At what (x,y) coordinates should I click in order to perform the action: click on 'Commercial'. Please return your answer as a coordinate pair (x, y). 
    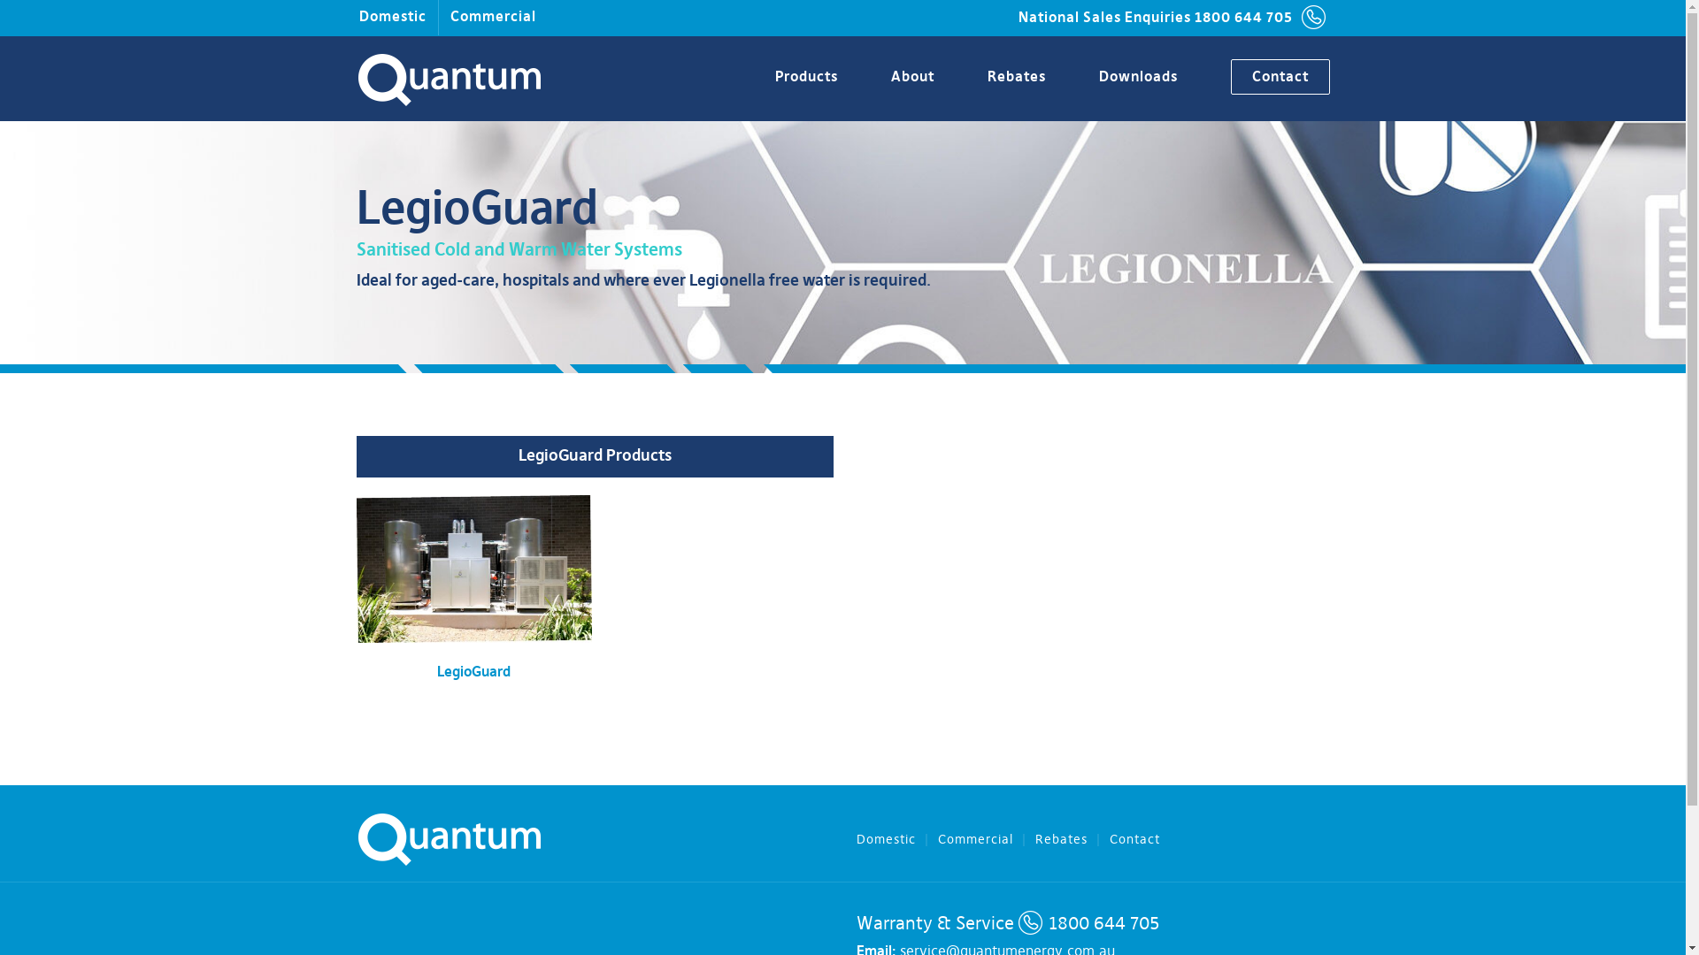
    Looking at the image, I should click on (985, 839).